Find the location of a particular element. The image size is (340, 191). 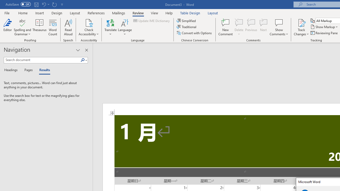

'Delete' is located at coordinates (239, 22).